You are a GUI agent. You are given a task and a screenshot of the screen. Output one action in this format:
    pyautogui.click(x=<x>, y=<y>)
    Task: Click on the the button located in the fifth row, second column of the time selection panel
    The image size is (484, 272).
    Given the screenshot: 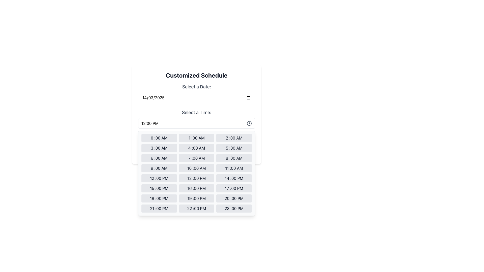 What is the action you would take?
    pyautogui.click(x=196, y=178)
    